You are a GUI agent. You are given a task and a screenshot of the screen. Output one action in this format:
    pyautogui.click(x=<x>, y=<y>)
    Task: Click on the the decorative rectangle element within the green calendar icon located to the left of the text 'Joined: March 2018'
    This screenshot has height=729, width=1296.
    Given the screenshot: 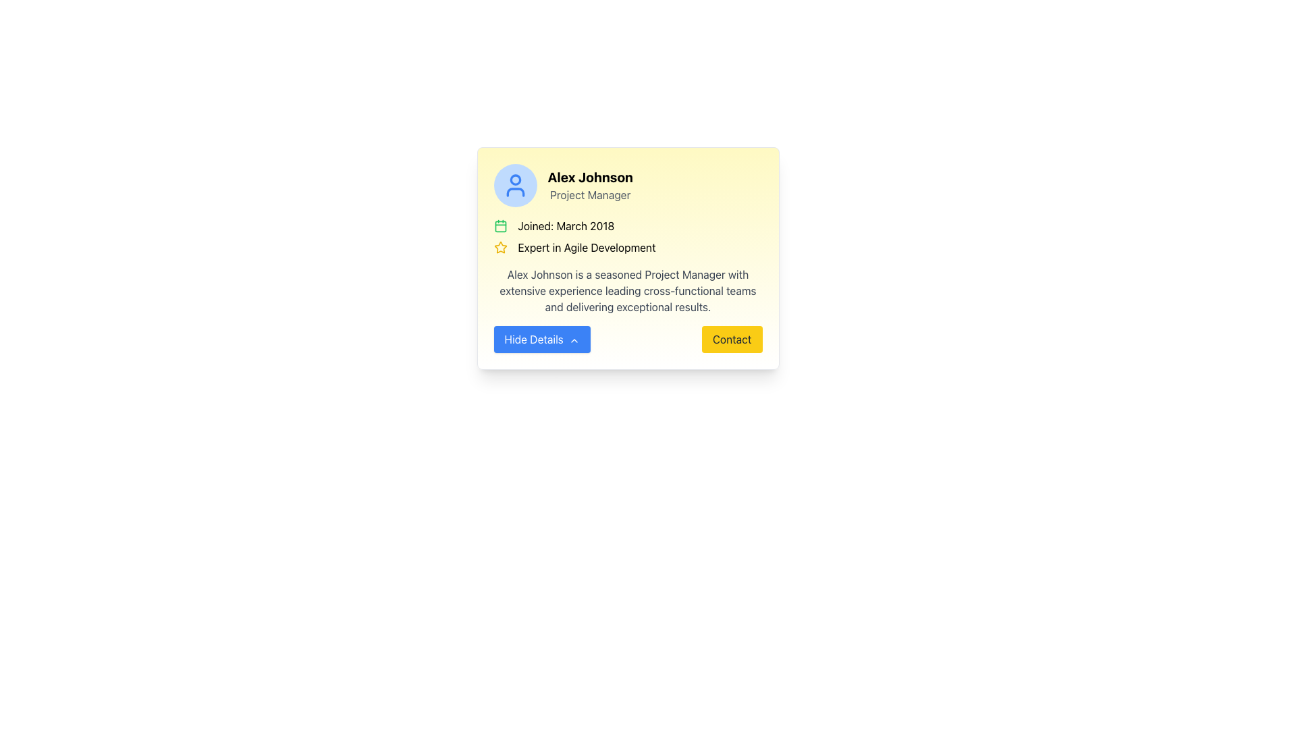 What is the action you would take?
    pyautogui.click(x=500, y=225)
    